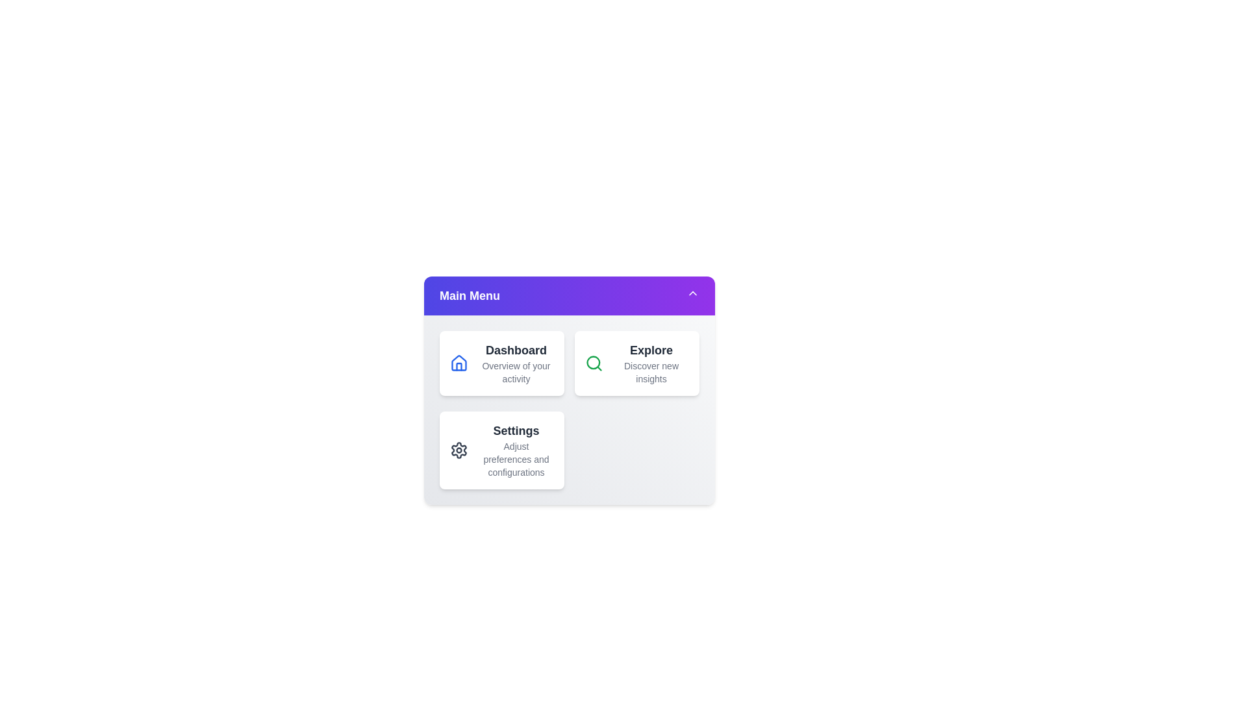  I want to click on the 'Main Menu' button to toggle the visibility of the menu, so click(570, 295).